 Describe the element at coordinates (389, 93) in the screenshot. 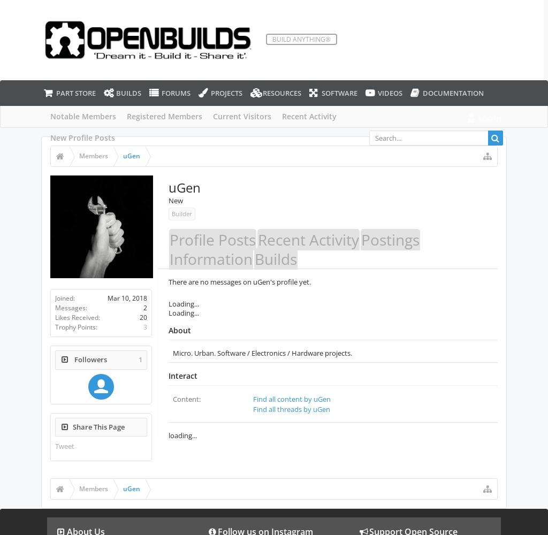

I see `'VIDEOS'` at that location.